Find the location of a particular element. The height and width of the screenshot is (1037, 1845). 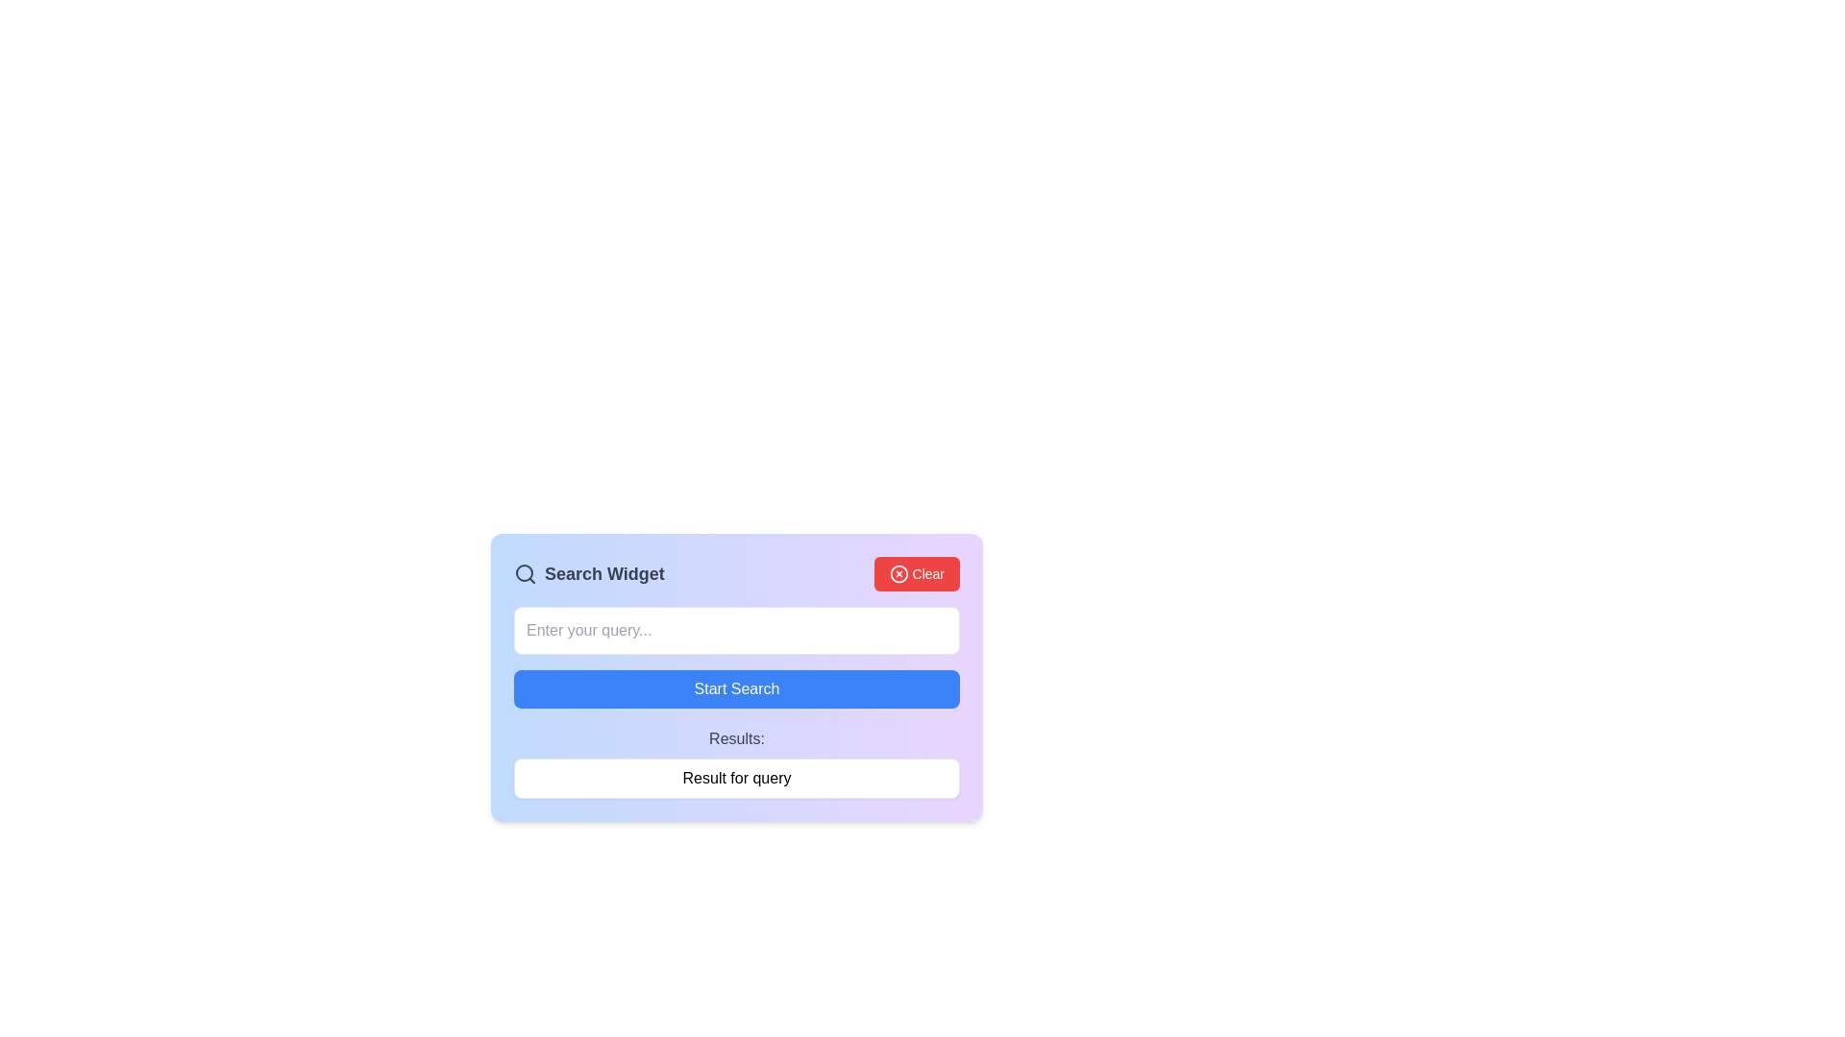

the search button located below the 'Enter your query...' text input field to initiate a search operation is located at coordinates (736, 687).